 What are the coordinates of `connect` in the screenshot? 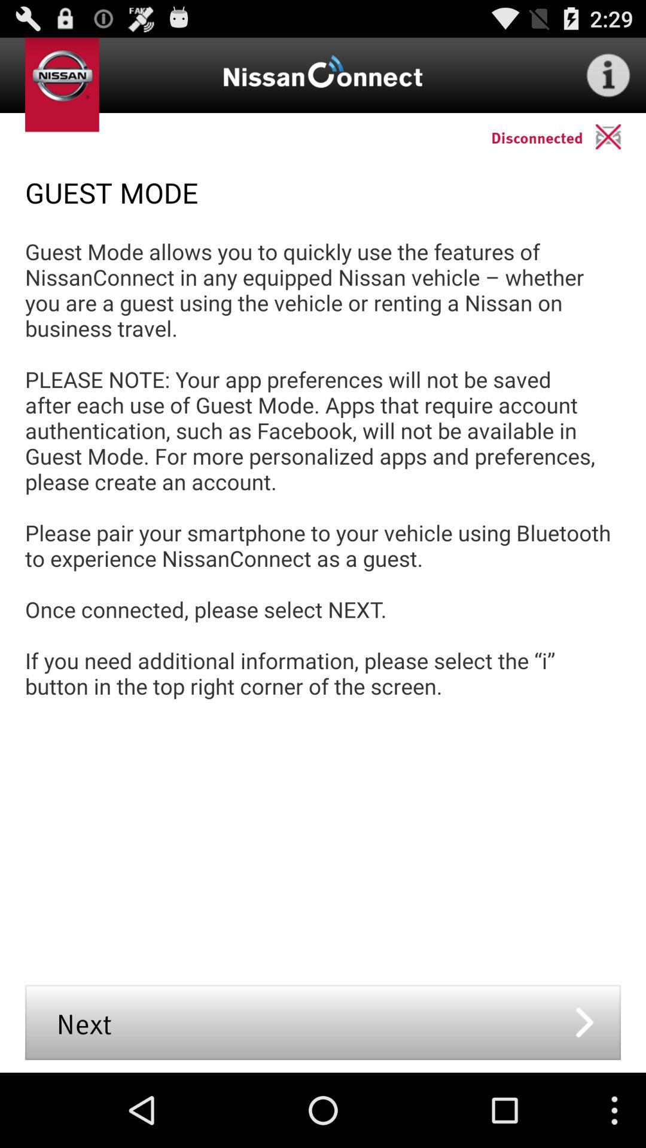 It's located at (620, 136).